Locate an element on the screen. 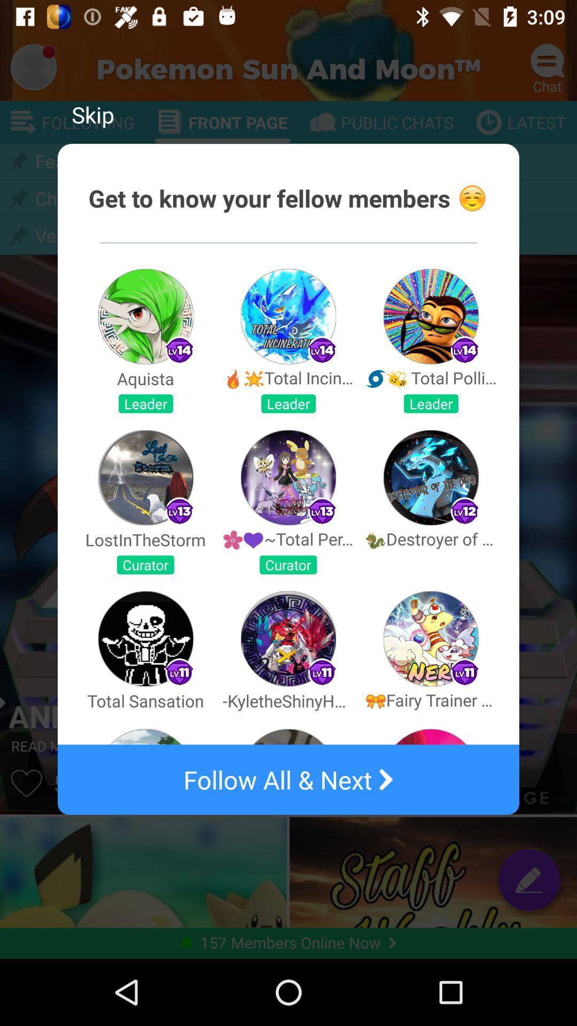 The width and height of the screenshot is (577, 1026). skip is located at coordinates (92, 114).